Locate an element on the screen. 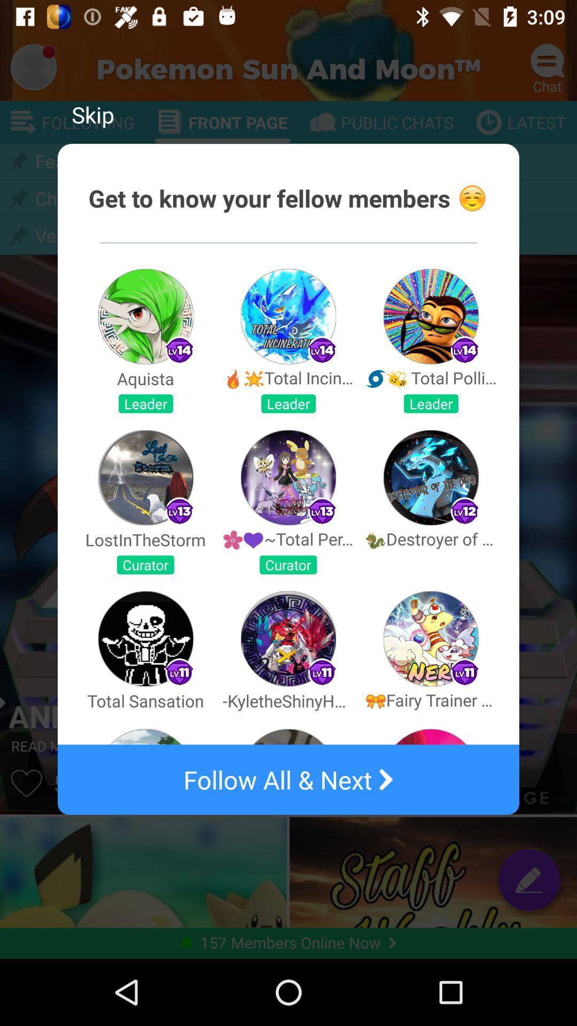 The width and height of the screenshot is (577, 1026). skip is located at coordinates (92, 114).